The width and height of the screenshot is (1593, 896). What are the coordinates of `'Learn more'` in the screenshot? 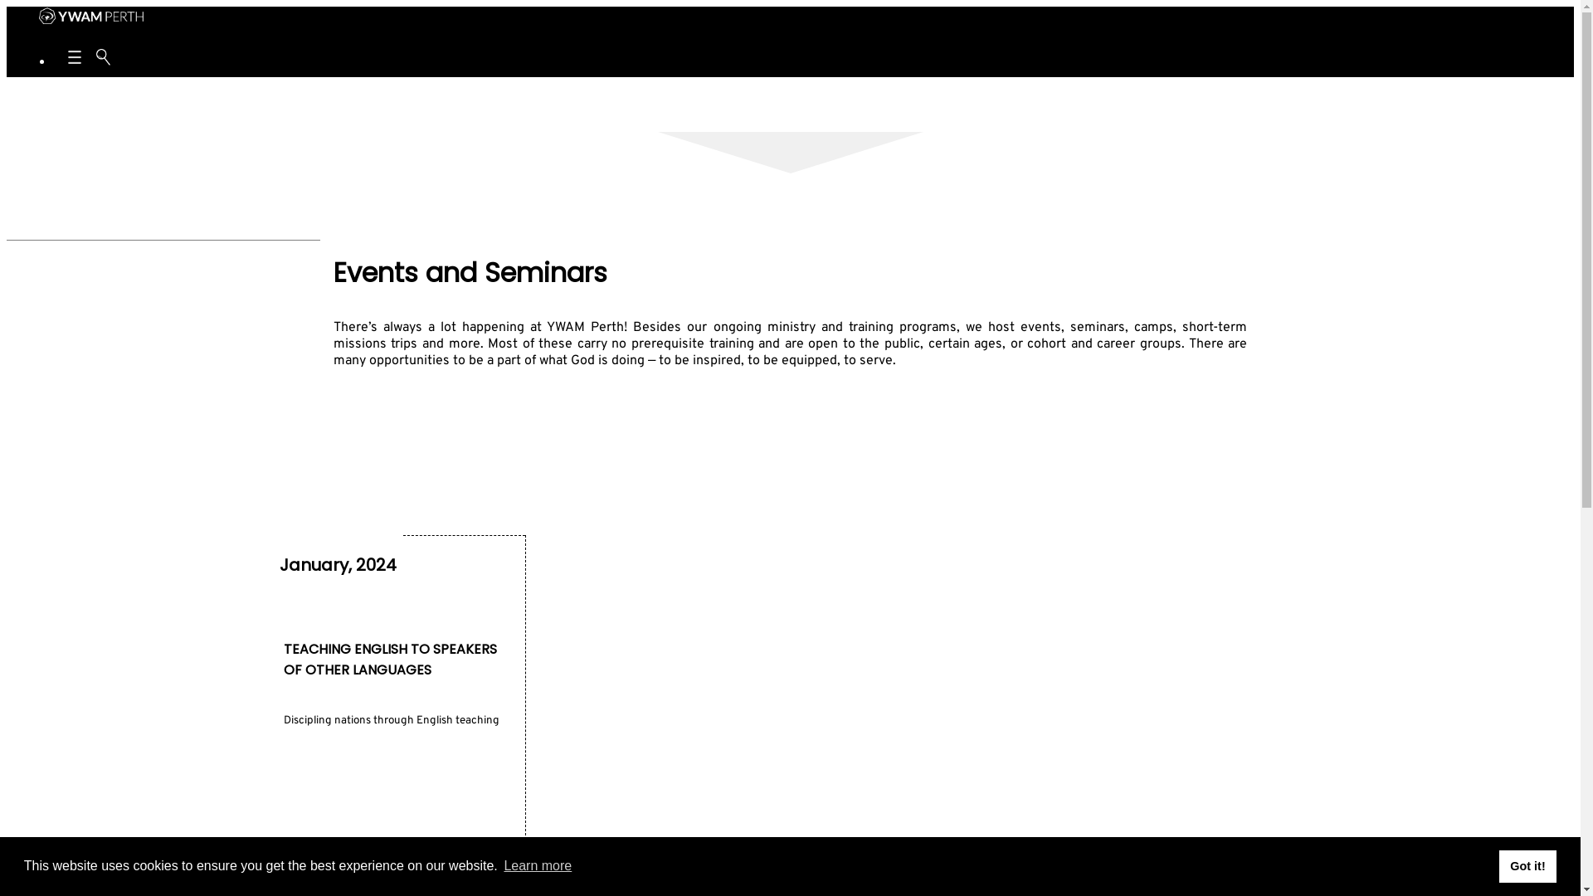 It's located at (538, 865).